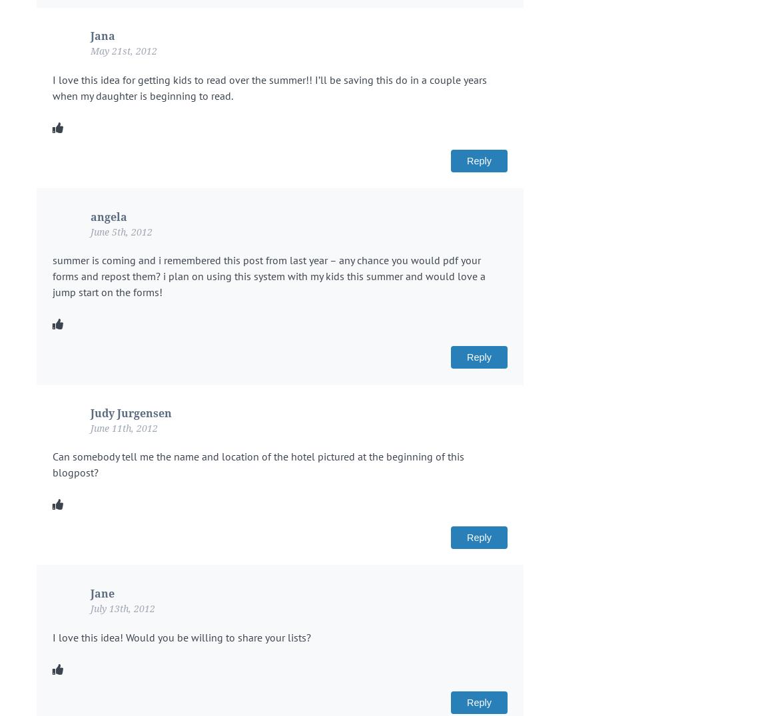 The height and width of the screenshot is (716, 766). Describe the element at coordinates (90, 608) in the screenshot. I see `'July 13th, 2012'` at that location.